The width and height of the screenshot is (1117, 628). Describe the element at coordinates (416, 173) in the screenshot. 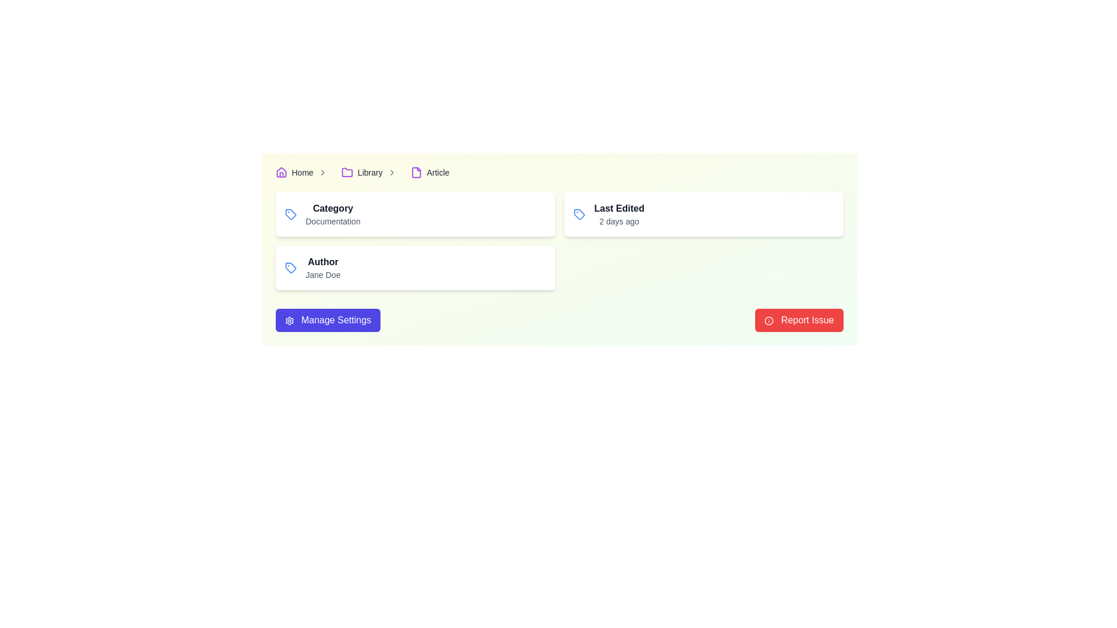

I see `the decorative folder-like icon representing the 'Article' section in the breadcrumb navigation at the top-center of the interface` at that location.